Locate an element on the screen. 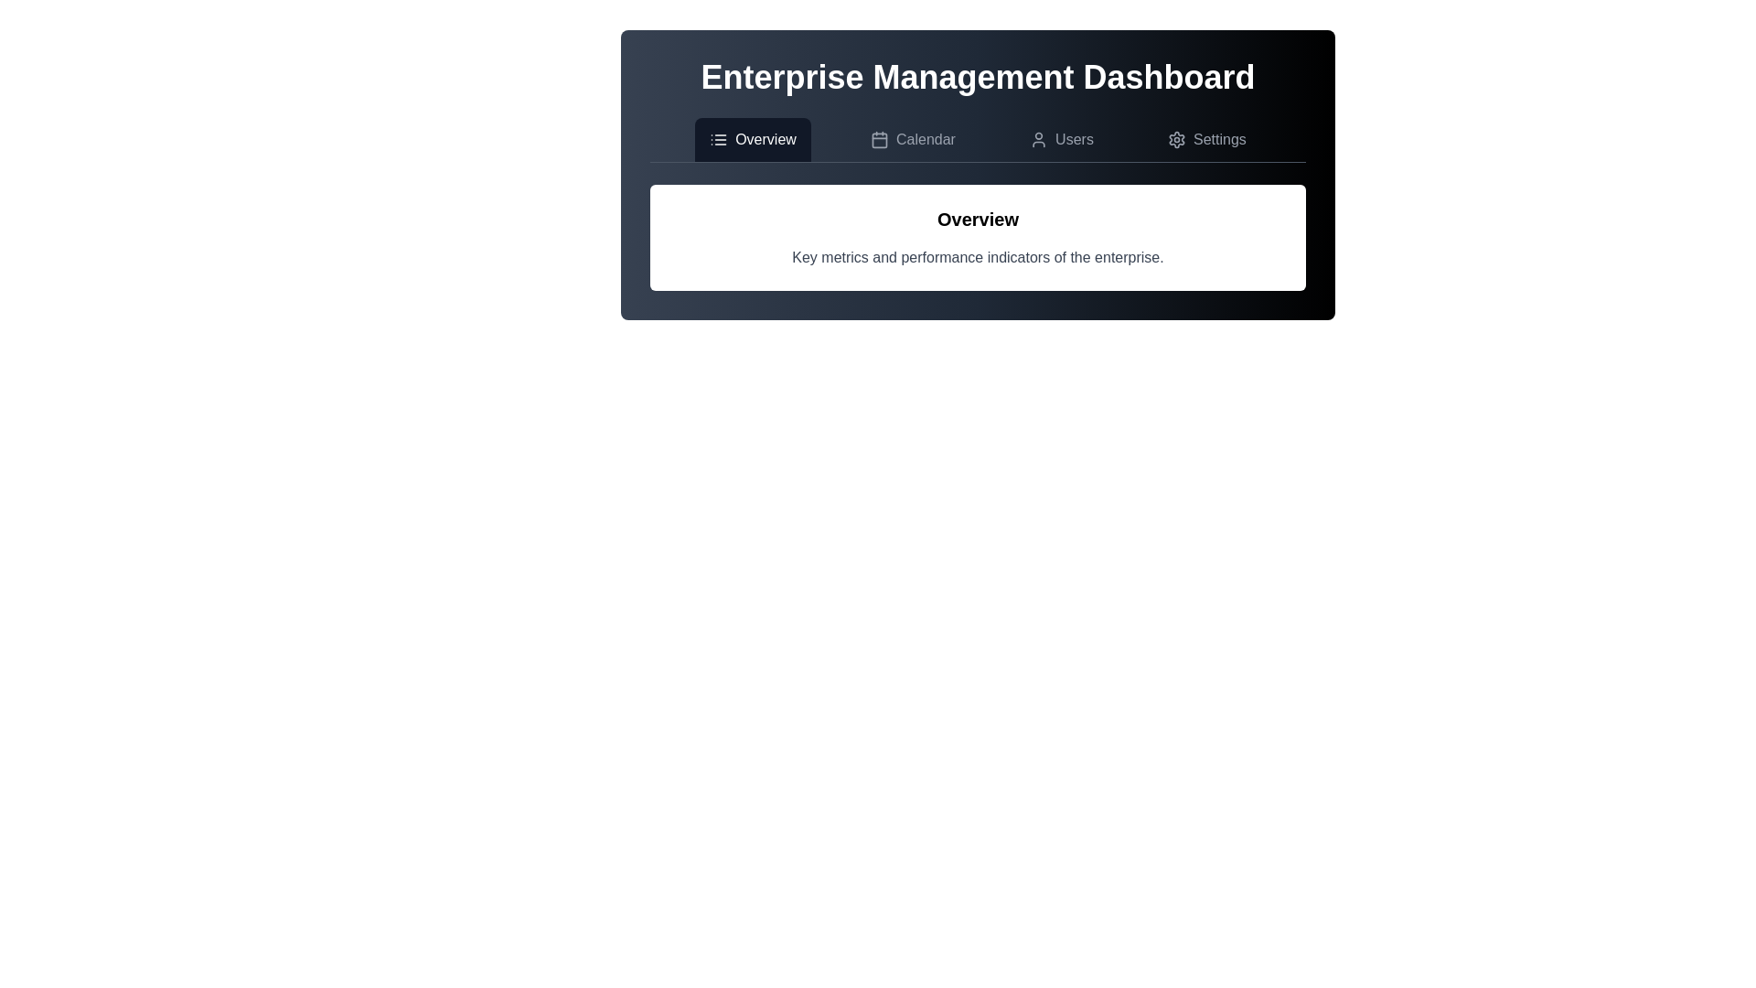 The width and height of the screenshot is (1756, 988). the 'Overview' button, which is the first item in the horizontal navigation menu is located at coordinates (753, 139).